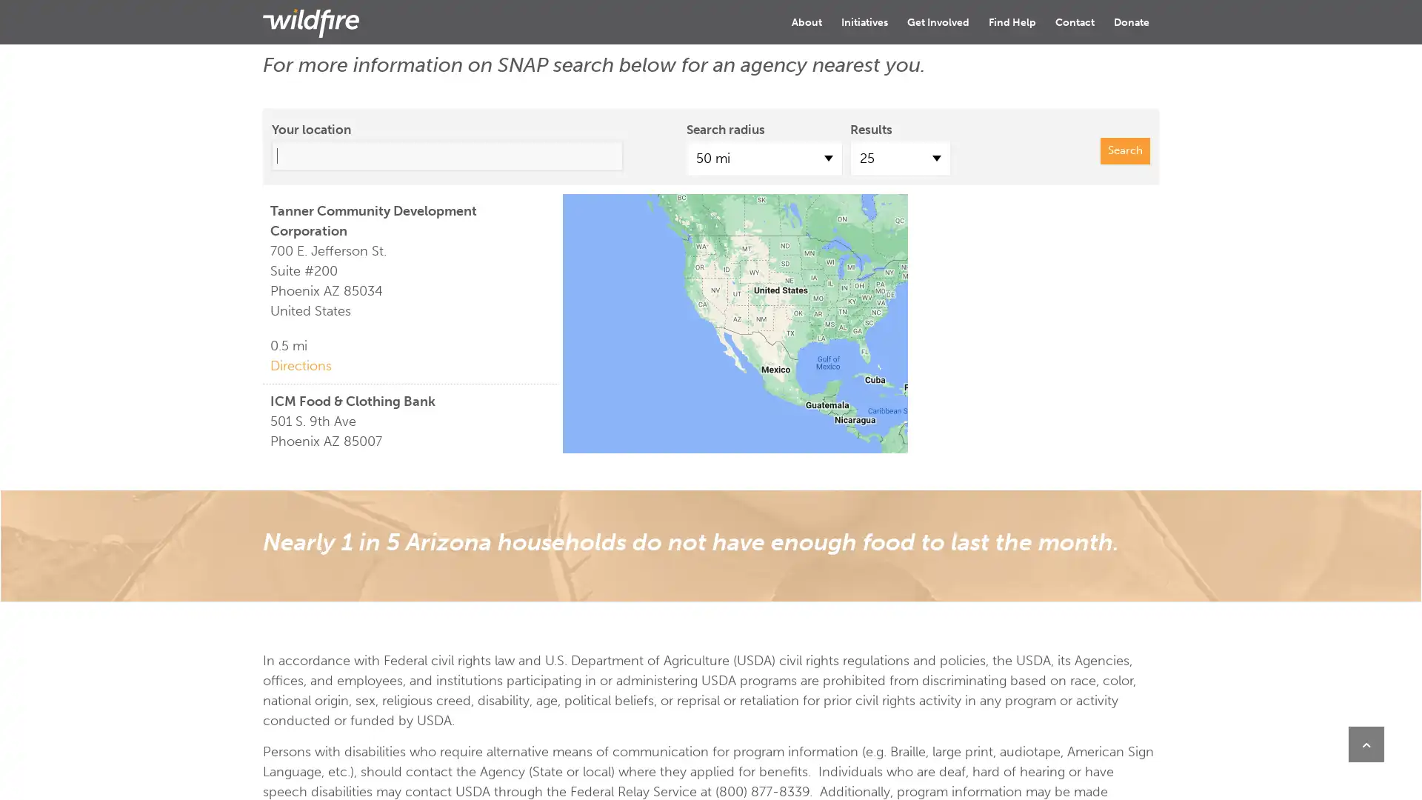 Image resolution: width=1422 pixels, height=800 pixels. What do you see at coordinates (867, 313) in the screenshot?
I see `TCDC at Washington Pointe` at bounding box center [867, 313].